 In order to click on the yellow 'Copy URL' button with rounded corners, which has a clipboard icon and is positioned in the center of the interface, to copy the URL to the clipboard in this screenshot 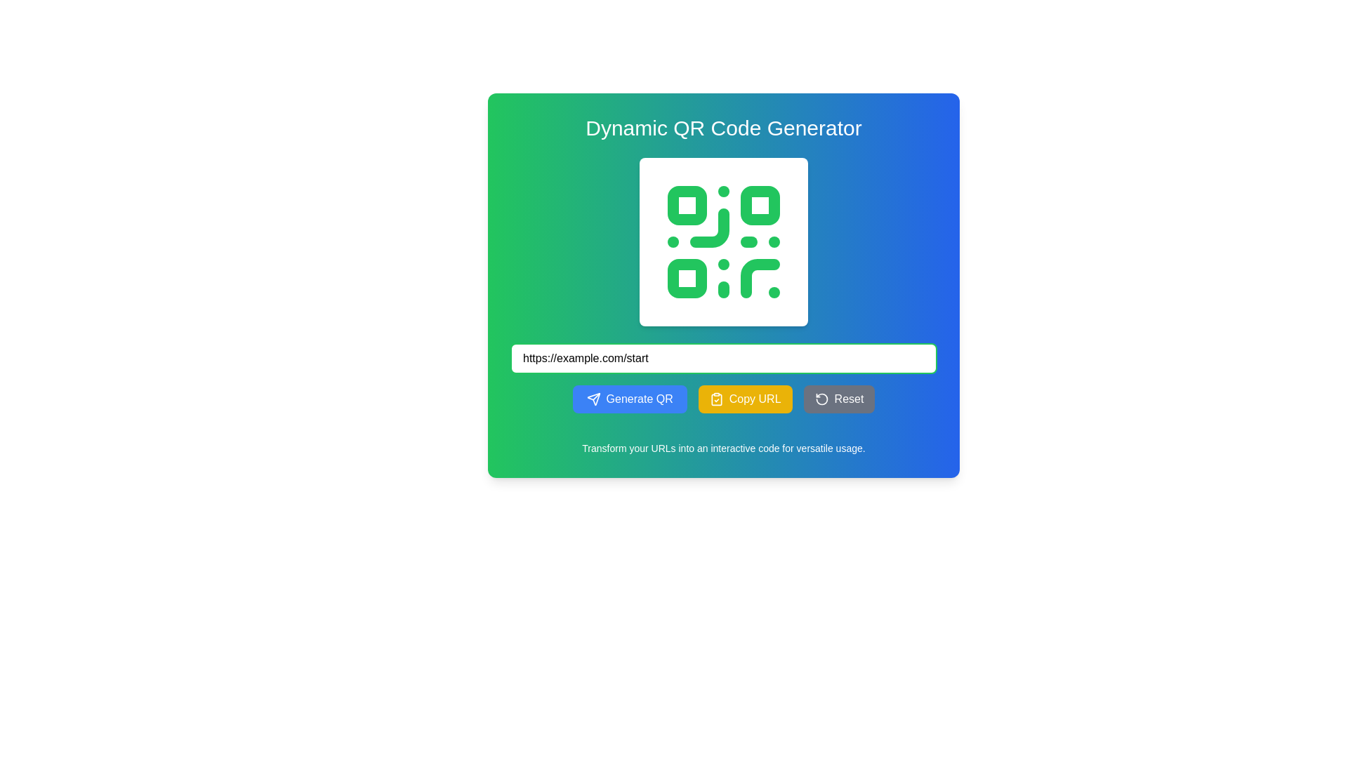, I will do `click(744, 399)`.